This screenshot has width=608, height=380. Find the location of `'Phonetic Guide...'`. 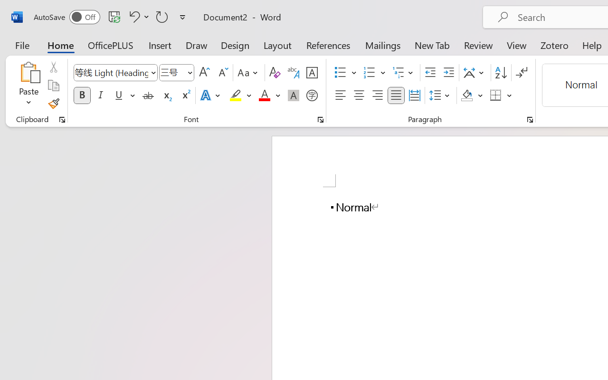

'Phonetic Guide...' is located at coordinates (293, 73).